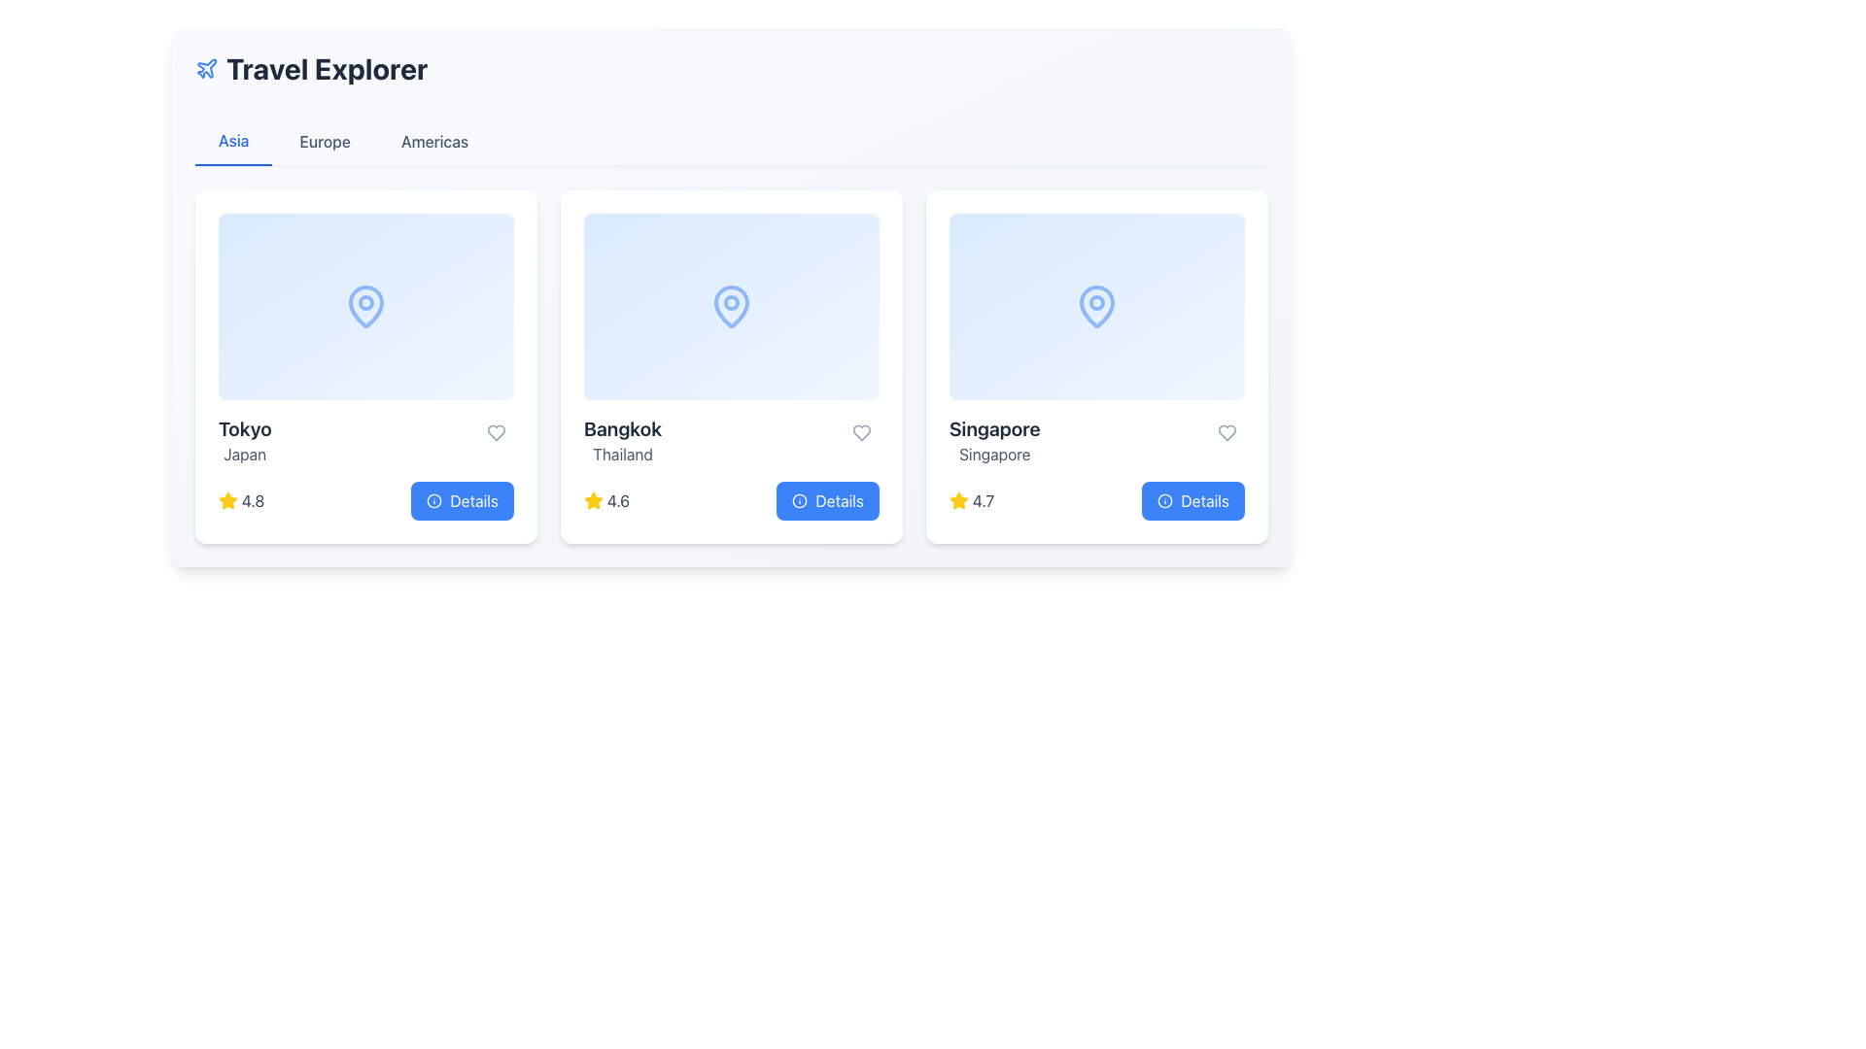 The height and width of the screenshot is (1049, 1866). What do you see at coordinates (496, 432) in the screenshot?
I see `the heart-shaped icon outlined in muted slate color located at the top-right corner of the card representing 'Tokyo, Japan'` at bounding box center [496, 432].